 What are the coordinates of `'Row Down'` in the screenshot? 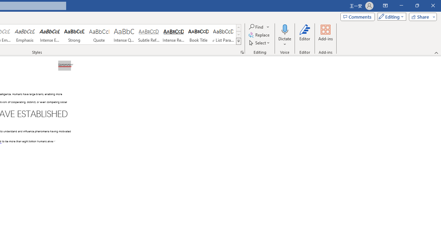 It's located at (238, 34).